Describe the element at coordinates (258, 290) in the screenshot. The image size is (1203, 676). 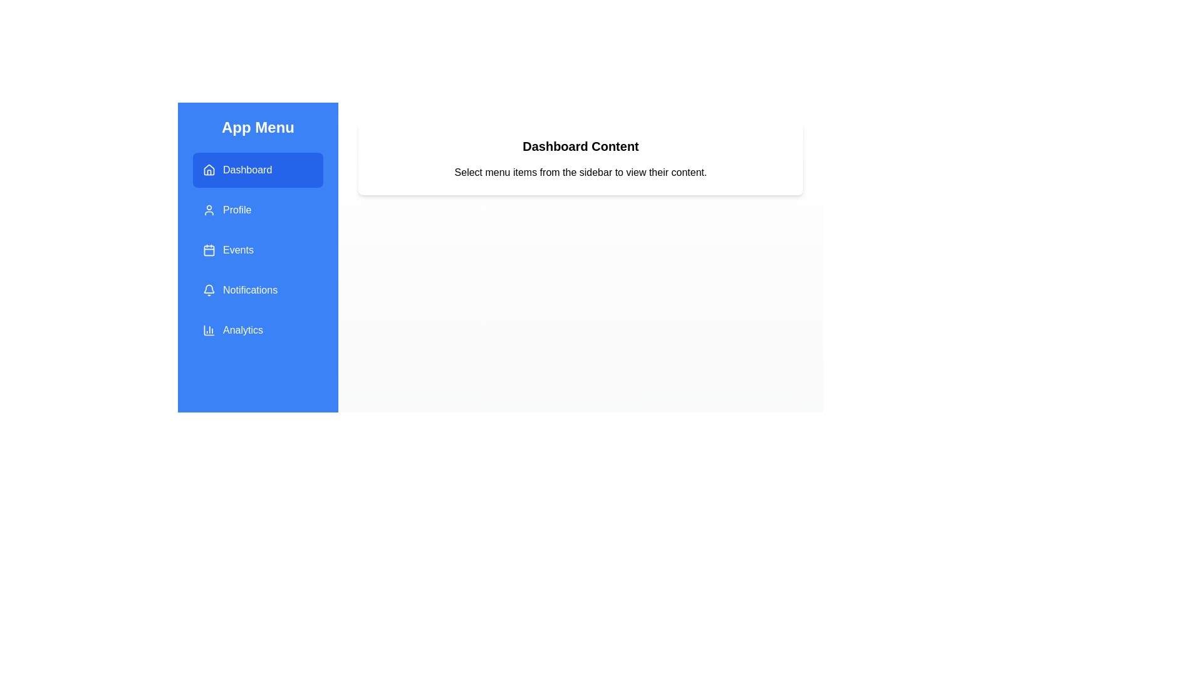
I see `the menu item Notifications from the sidebar` at that location.